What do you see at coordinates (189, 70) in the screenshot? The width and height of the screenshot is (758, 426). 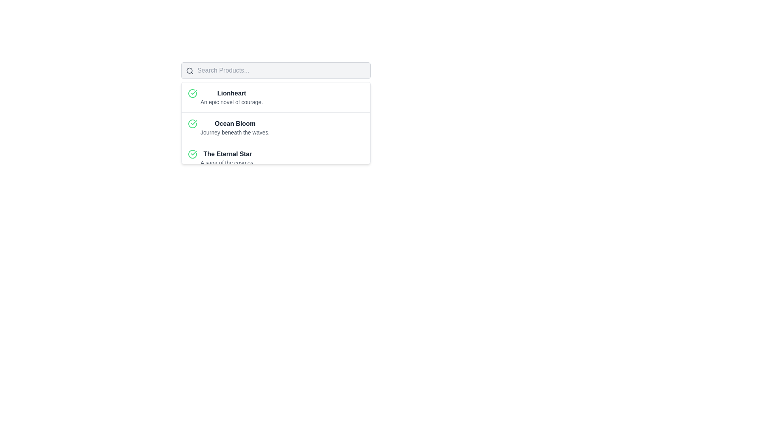 I see `the small circular element inside the magnifying glass icon located at the top-left corner of the search bar` at bounding box center [189, 70].